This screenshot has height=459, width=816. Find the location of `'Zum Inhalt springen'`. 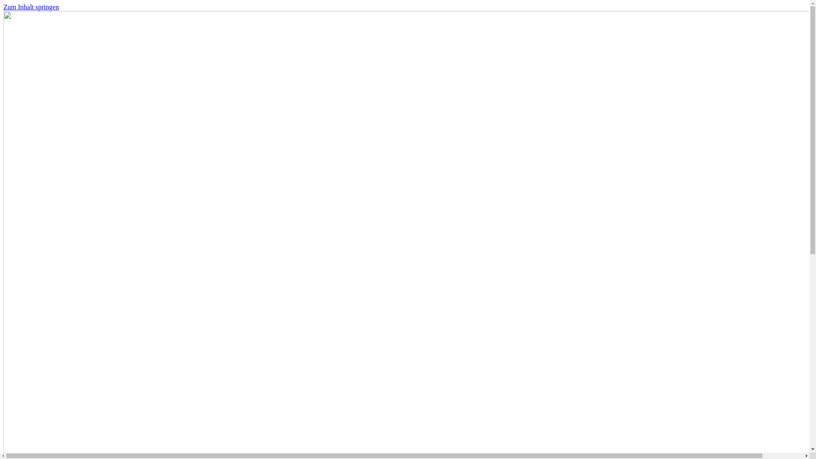

'Zum Inhalt springen' is located at coordinates (31, 7).